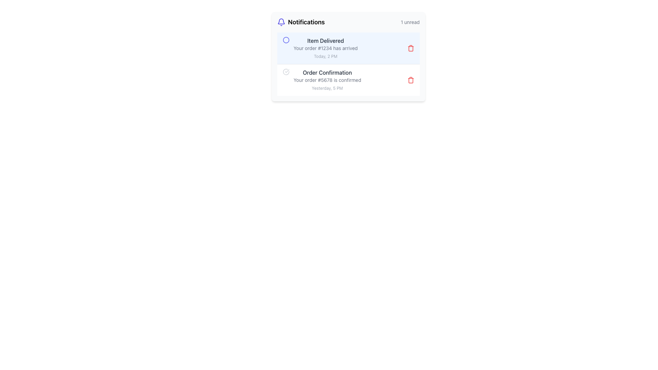  Describe the element at coordinates (410, 22) in the screenshot. I see `displayed text from the unread notifications count label positioned to the far-right of the 'Notifications' title in the header section of the notifications panel` at that location.